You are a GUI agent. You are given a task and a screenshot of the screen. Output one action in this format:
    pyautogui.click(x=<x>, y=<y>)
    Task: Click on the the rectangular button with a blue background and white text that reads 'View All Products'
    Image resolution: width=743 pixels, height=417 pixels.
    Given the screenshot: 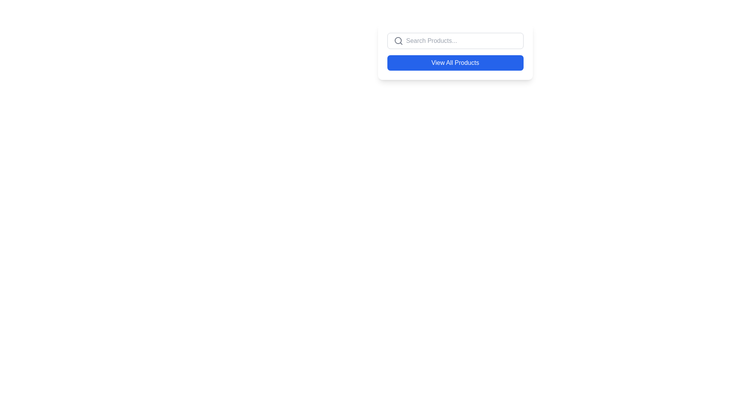 What is the action you would take?
    pyautogui.click(x=455, y=62)
    